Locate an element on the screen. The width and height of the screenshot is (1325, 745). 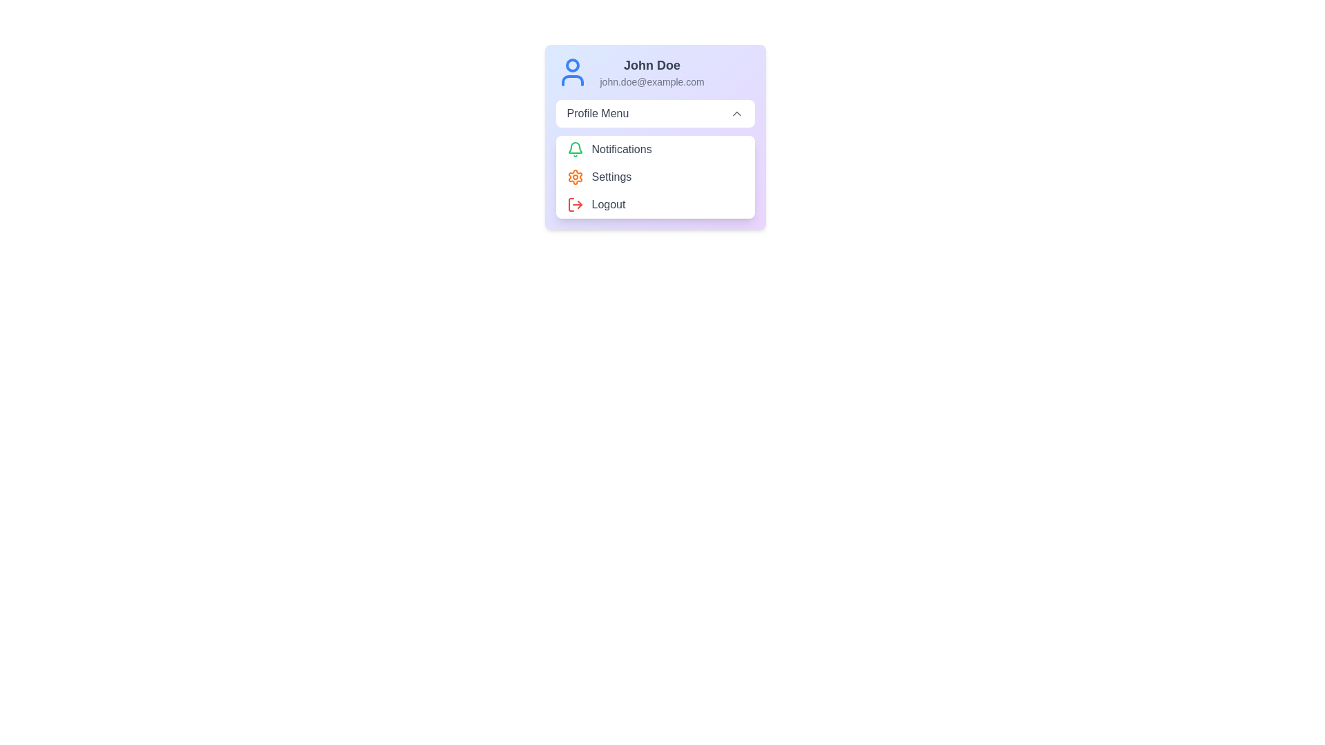
the upward-pointing chevron icon styled in gray, located to the right of the 'Profile Menu' text is located at coordinates (736, 113).